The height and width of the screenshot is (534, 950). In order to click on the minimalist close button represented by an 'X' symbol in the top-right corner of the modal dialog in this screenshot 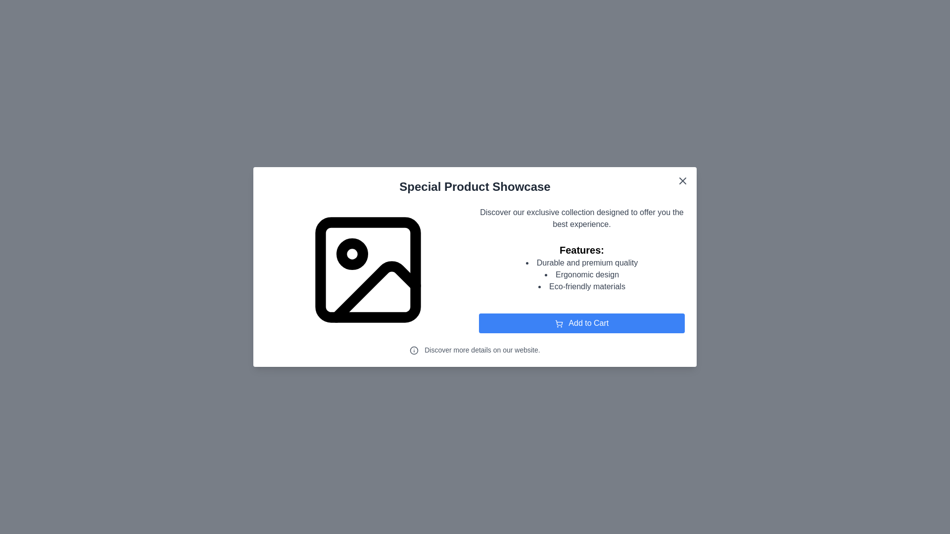, I will do `click(682, 180)`.